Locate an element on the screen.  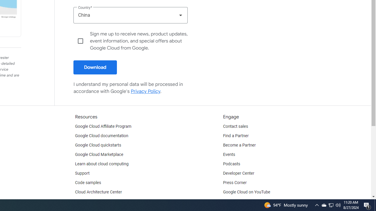
'Country China' is located at coordinates (130, 15).